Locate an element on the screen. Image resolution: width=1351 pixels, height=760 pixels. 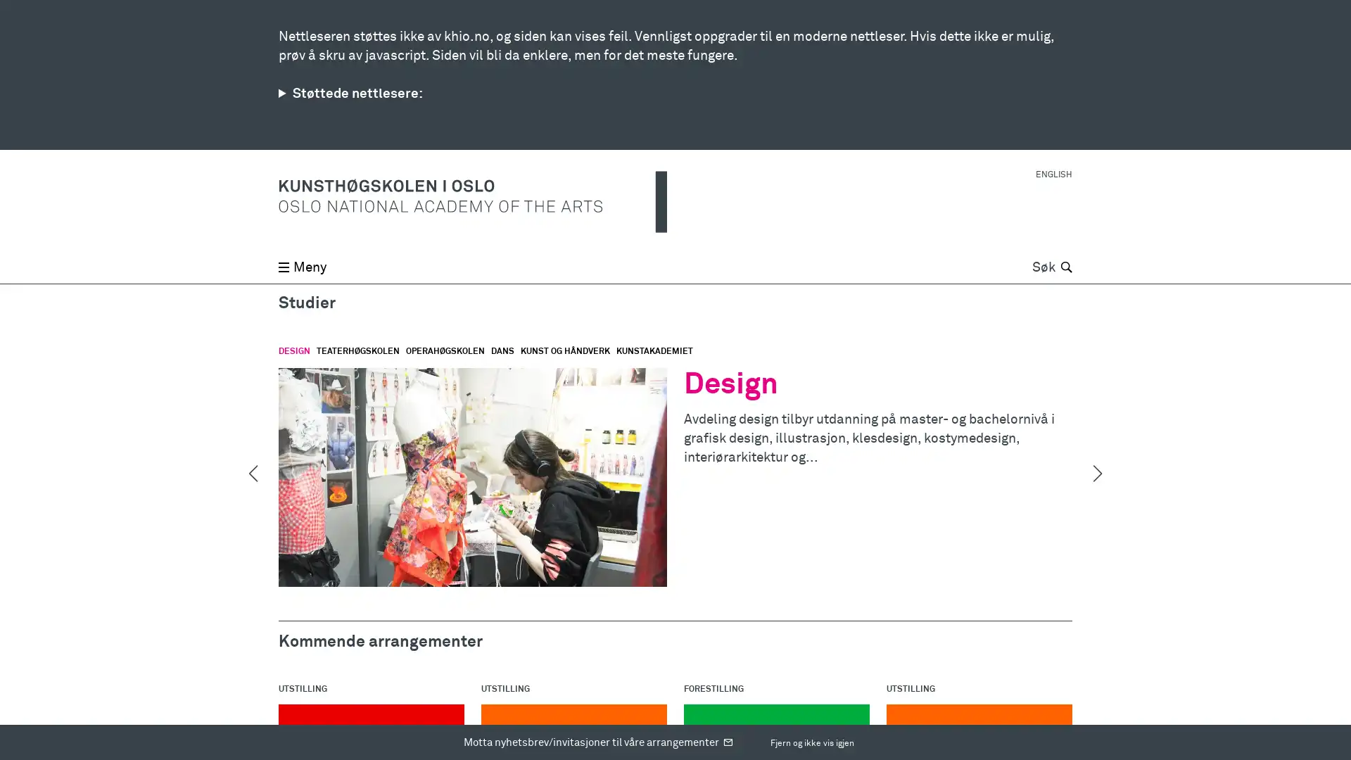
Sk is located at coordinates (1065, 18).